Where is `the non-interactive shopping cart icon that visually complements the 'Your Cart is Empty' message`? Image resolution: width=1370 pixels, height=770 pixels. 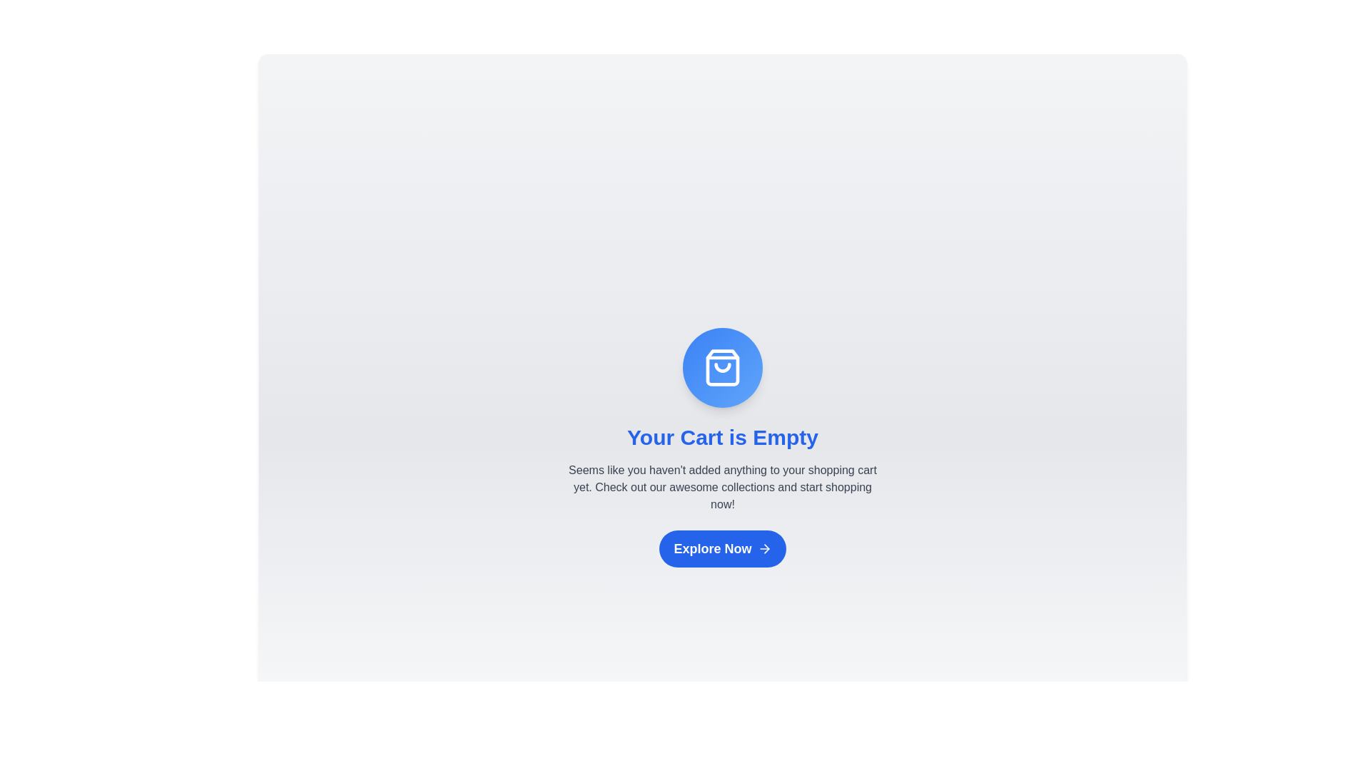 the non-interactive shopping cart icon that visually complements the 'Your Cart is Empty' message is located at coordinates (722, 367).